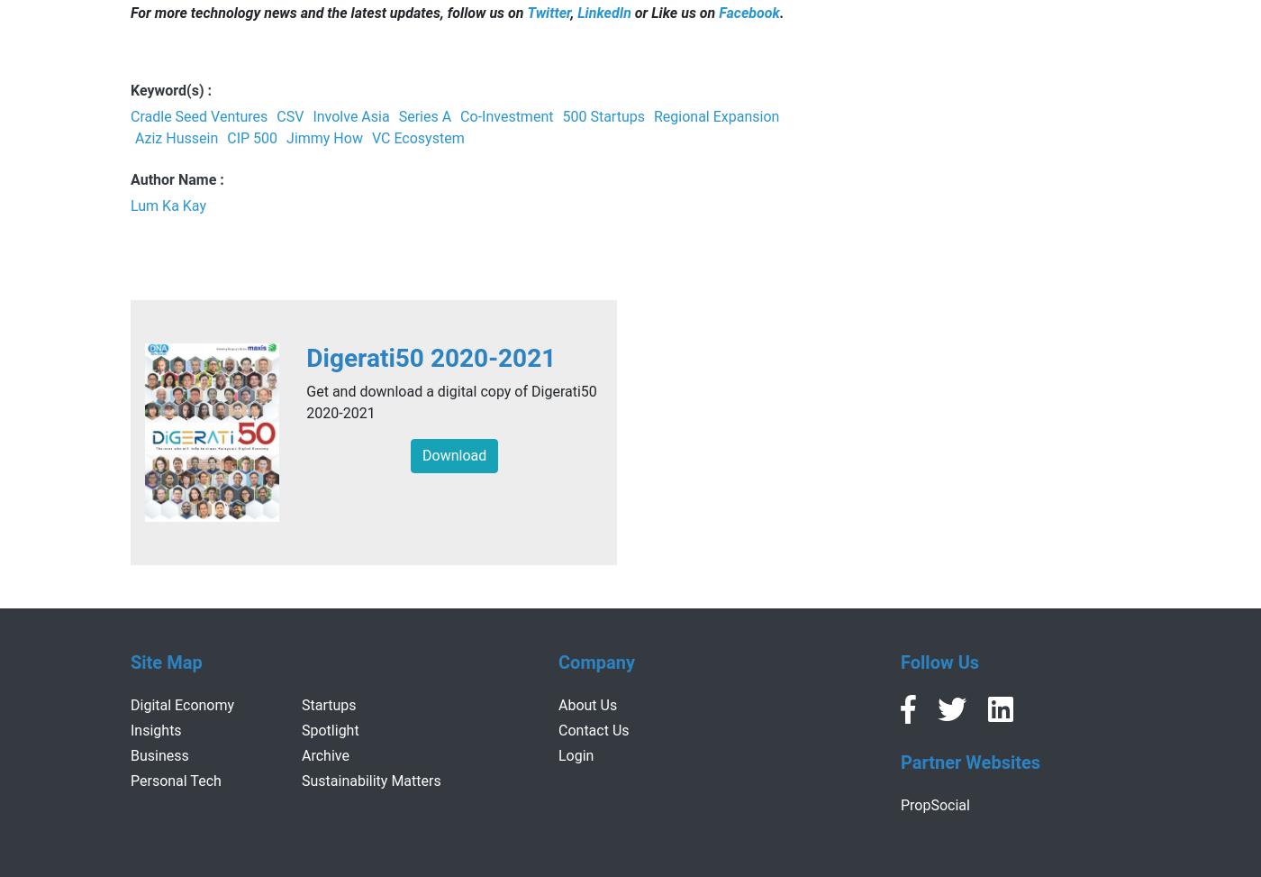  I want to click on 'PropSocial', so click(934, 804).